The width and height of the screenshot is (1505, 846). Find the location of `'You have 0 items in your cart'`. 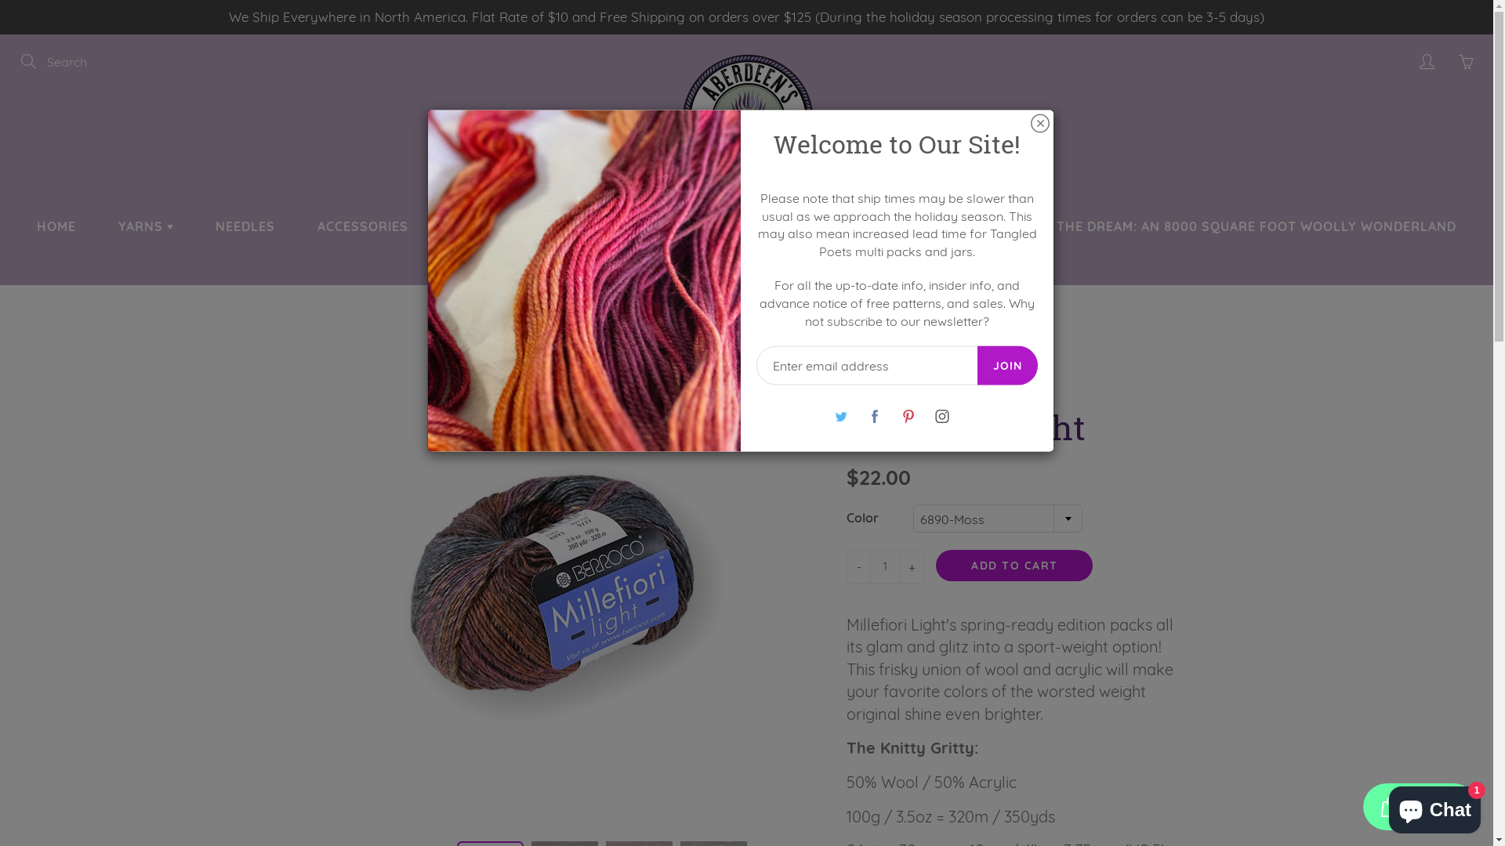

'You have 0 items in your cart' is located at coordinates (1465, 60).